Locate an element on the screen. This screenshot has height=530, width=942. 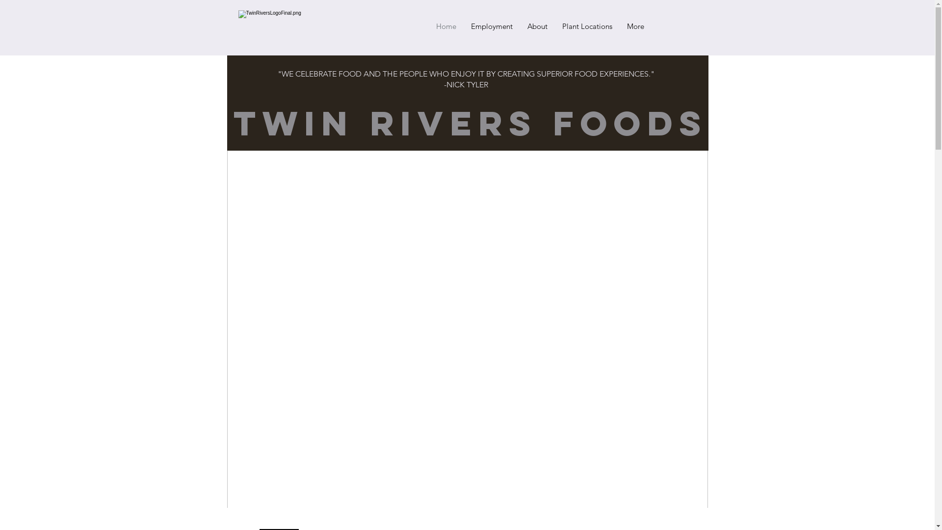
'About' is located at coordinates (537, 26).